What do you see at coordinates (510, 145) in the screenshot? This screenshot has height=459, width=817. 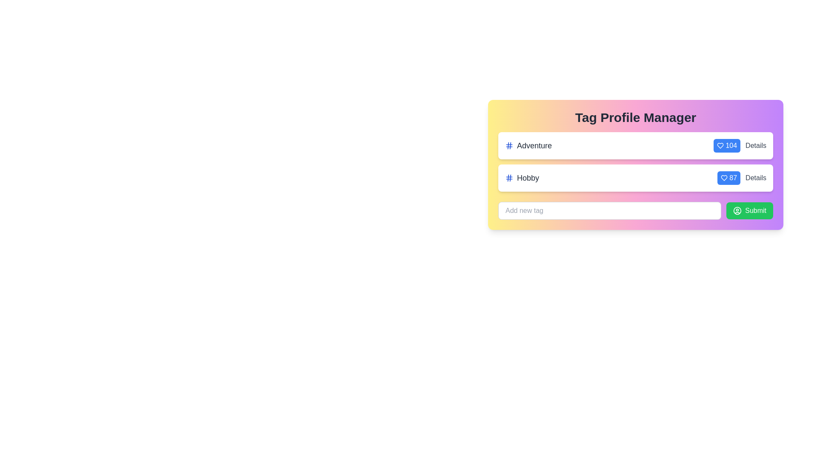 I see `the right diagonal line segment of the hash symbol element within the SVG graphic, which is defined by its blue stroke and part of the overall hash mark design` at bounding box center [510, 145].